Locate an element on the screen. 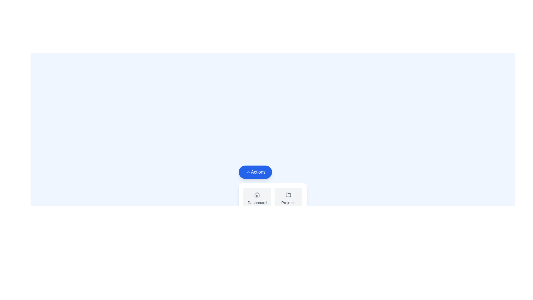  the Dashboard from the menu is located at coordinates (257, 199).